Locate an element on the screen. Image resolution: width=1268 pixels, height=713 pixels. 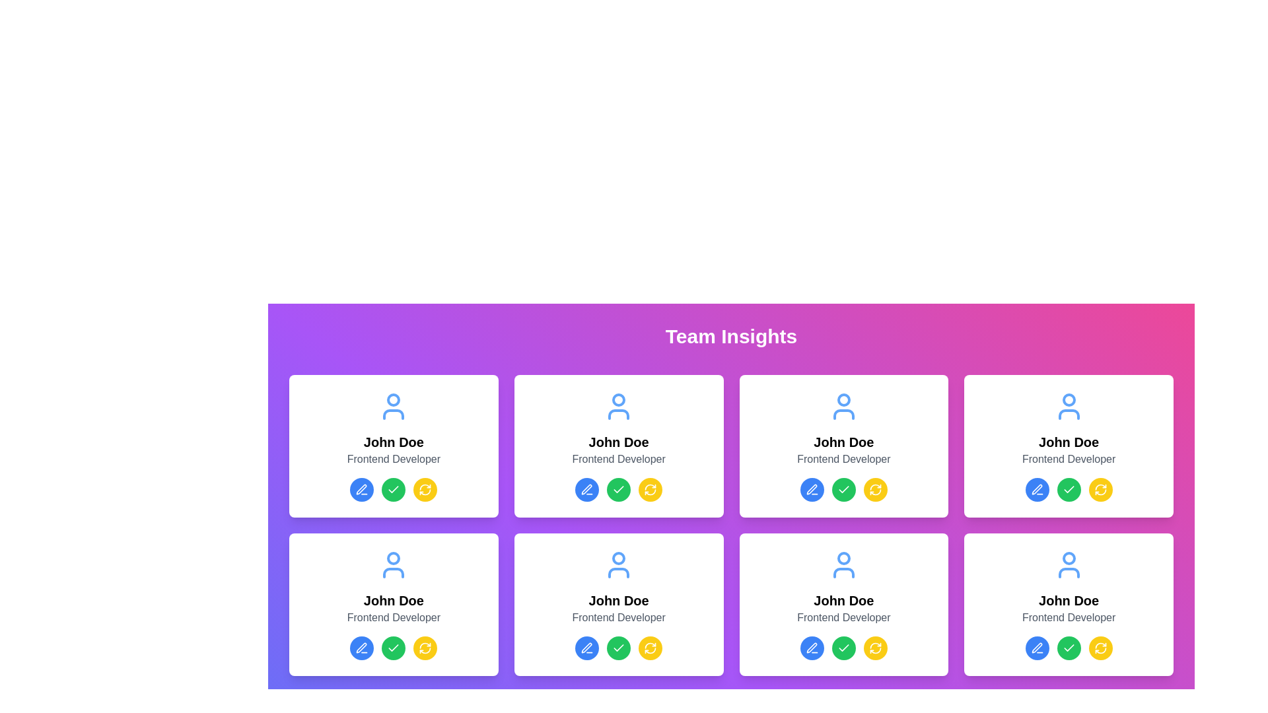
the leftmost edit icon located inside the second user profile card in the bottom row to allow modification of related information is located at coordinates (361, 647).